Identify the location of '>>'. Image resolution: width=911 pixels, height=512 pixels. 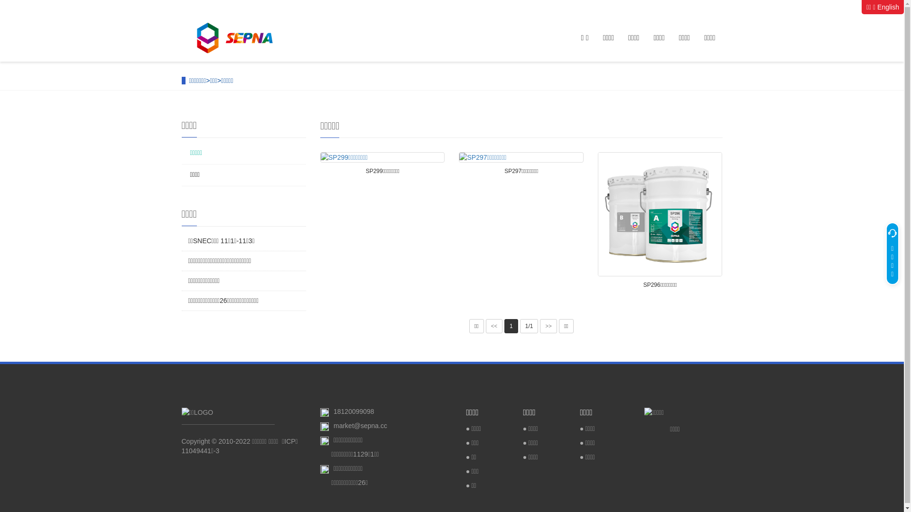
(548, 325).